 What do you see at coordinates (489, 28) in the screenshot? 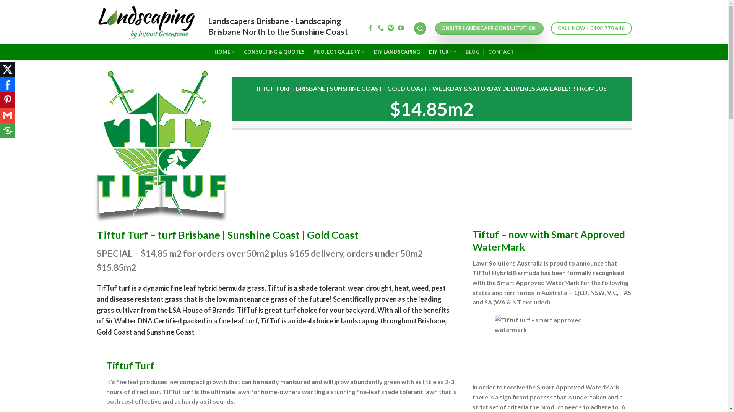
I see `'ONSITE LANDSCAPE CONSULTATION'` at bounding box center [489, 28].